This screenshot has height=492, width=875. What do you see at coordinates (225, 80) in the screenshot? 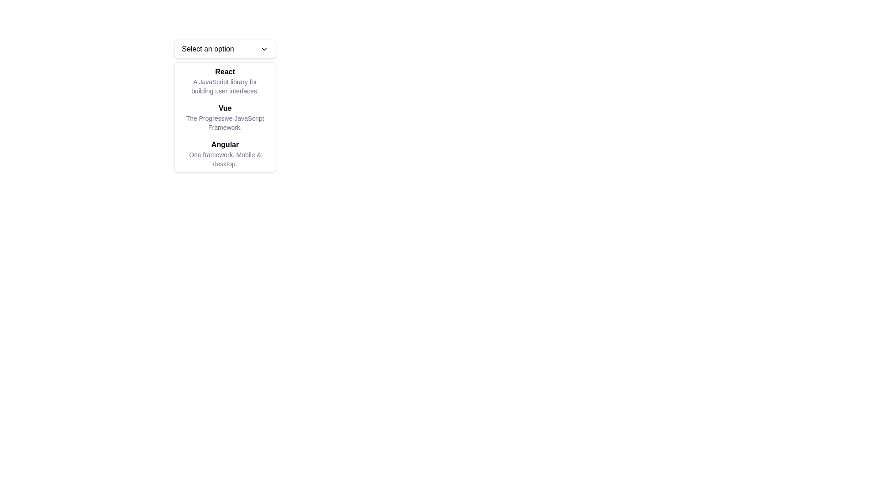
I see `the first list item in the dropdown menu that displays 'React' in bold with a description below it` at bounding box center [225, 80].